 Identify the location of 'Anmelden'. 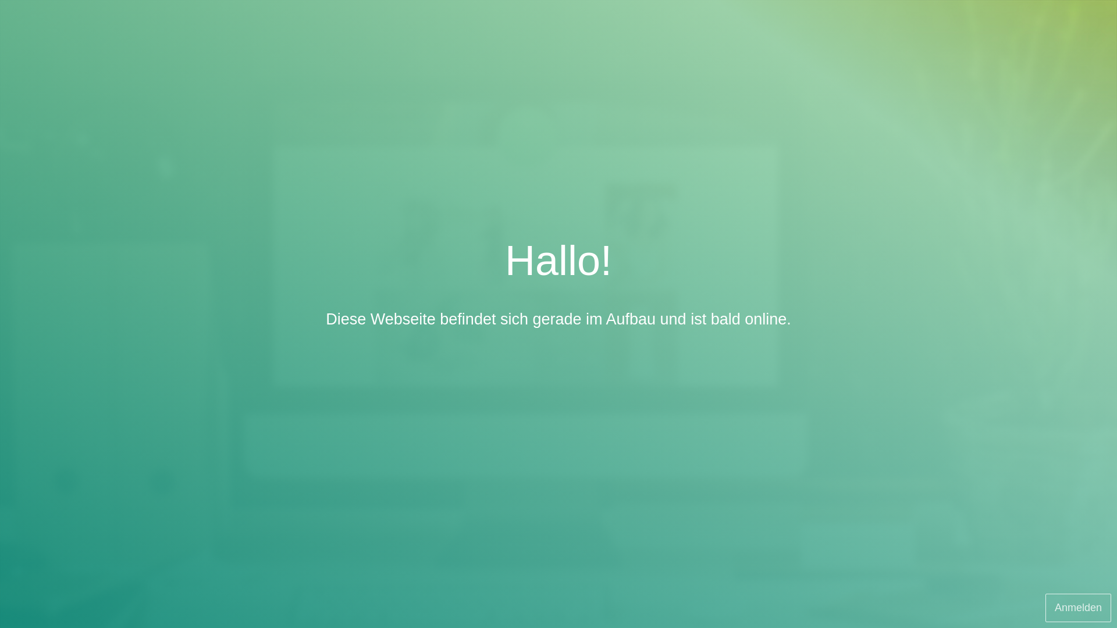
(1077, 607).